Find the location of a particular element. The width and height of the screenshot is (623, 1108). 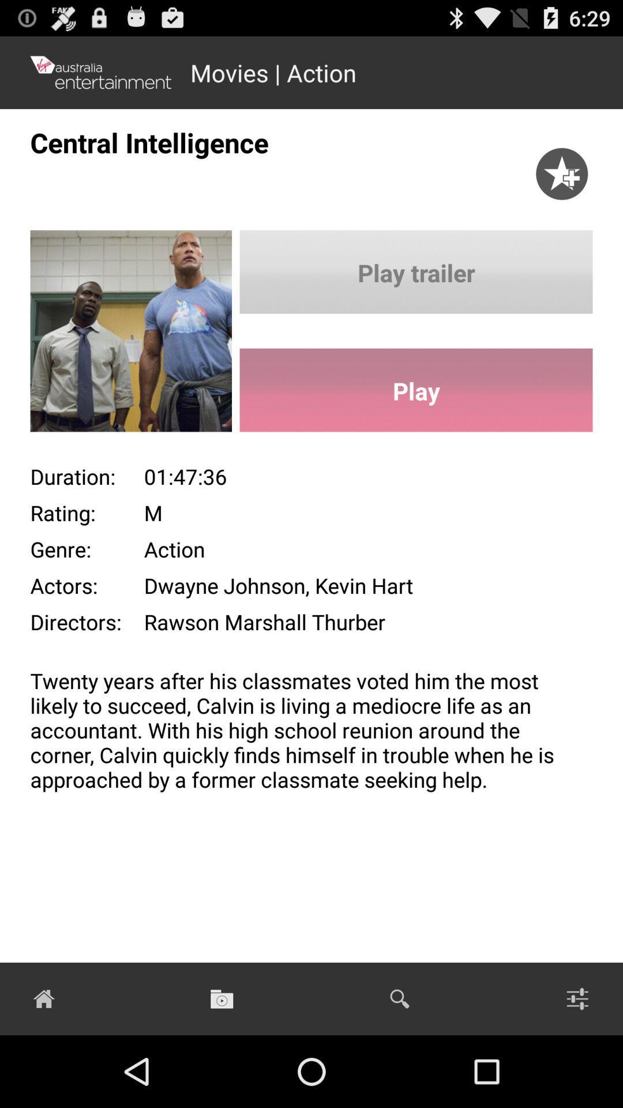

star logo is located at coordinates (566, 171).